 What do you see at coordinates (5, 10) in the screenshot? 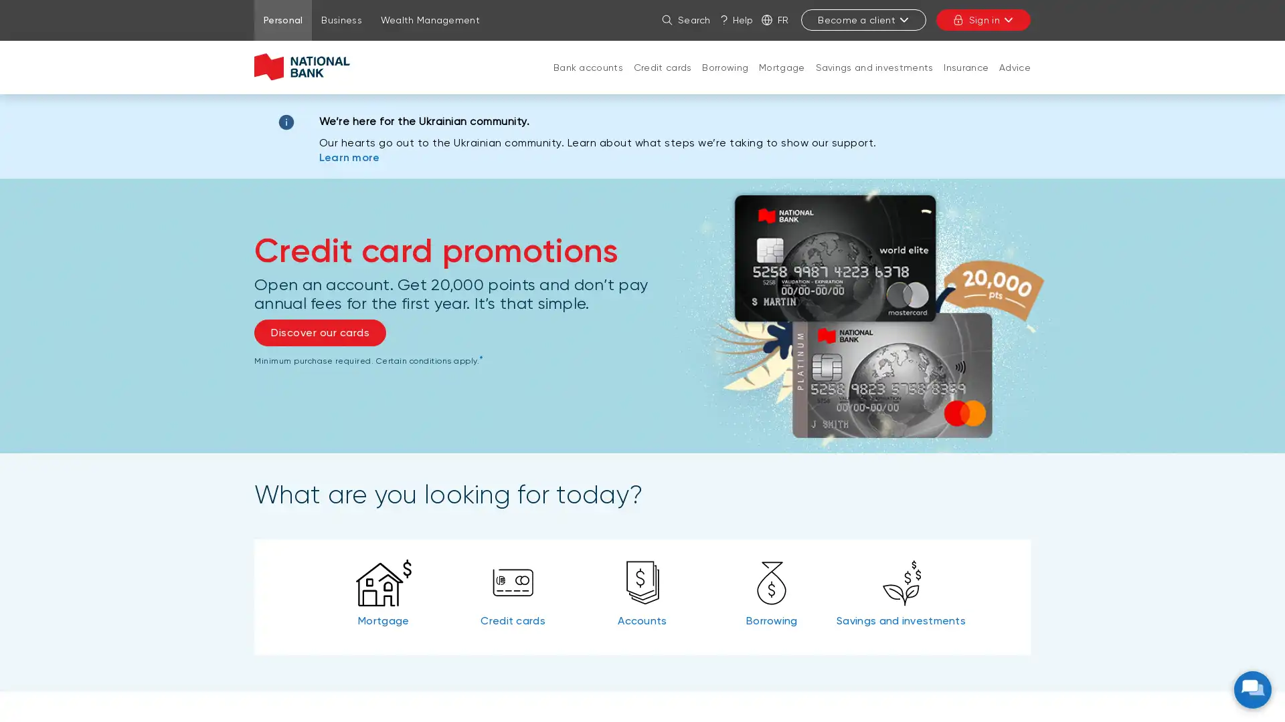
I see `Sign in to my account` at bounding box center [5, 10].